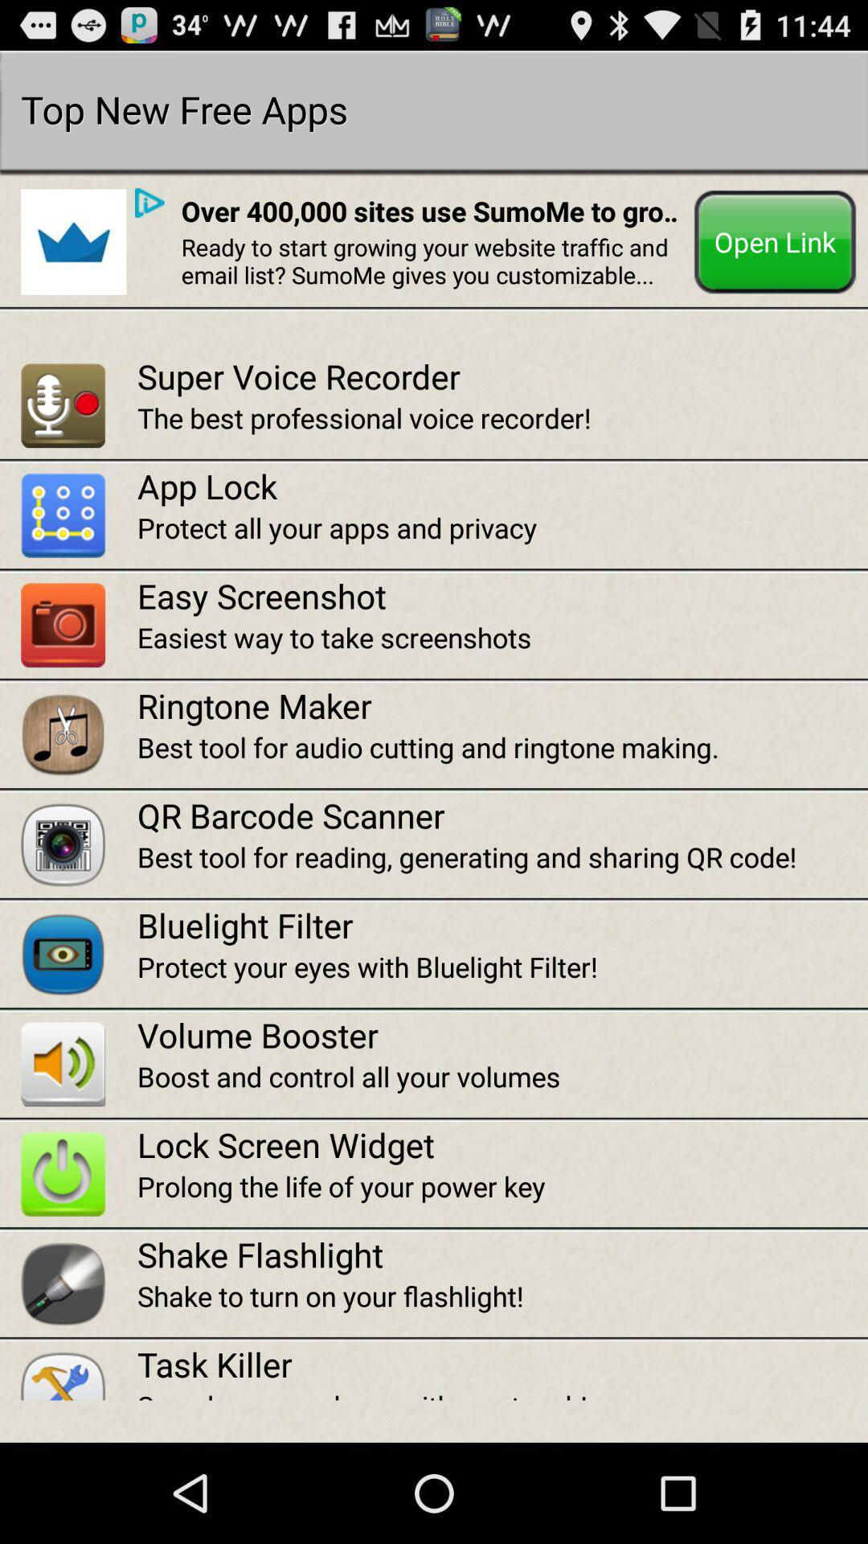 The image size is (868, 1544). Describe the element at coordinates (502, 1144) in the screenshot. I see `lock screen widget item` at that location.